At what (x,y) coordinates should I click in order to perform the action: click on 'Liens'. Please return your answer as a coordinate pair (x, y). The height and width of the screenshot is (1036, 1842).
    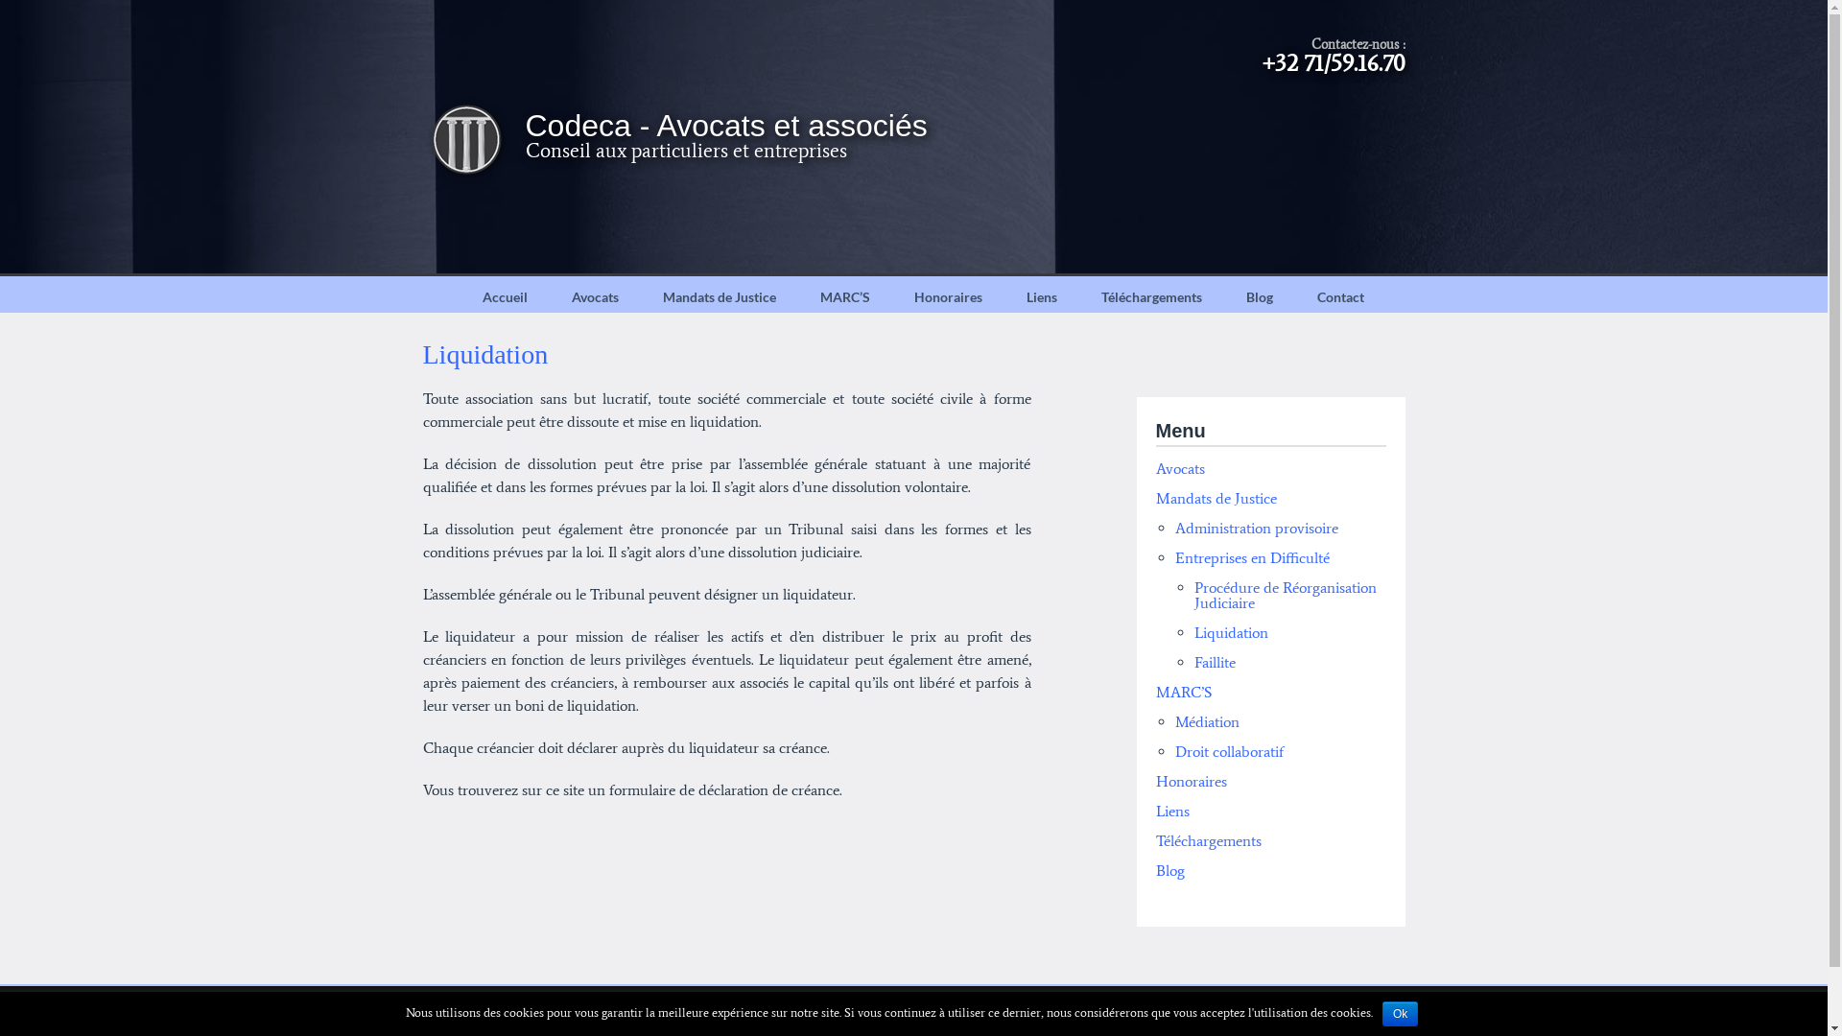
    Looking at the image, I should click on (1039, 296).